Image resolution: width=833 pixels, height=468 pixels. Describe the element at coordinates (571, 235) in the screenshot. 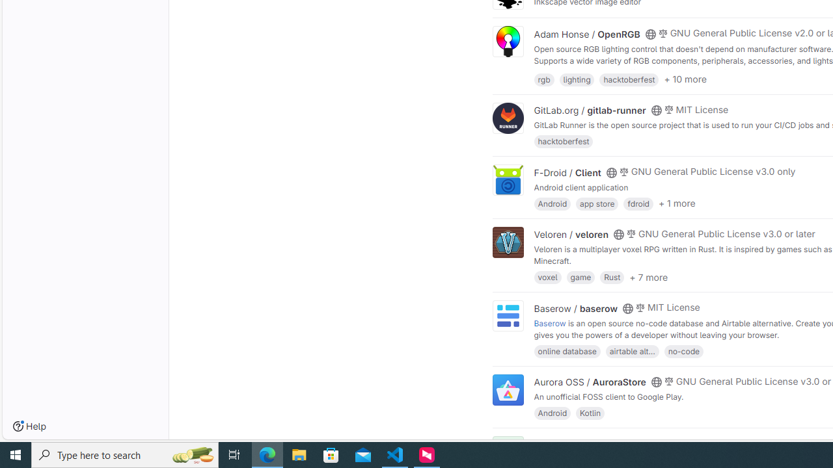

I see `'Veloren / veloren'` at that location.